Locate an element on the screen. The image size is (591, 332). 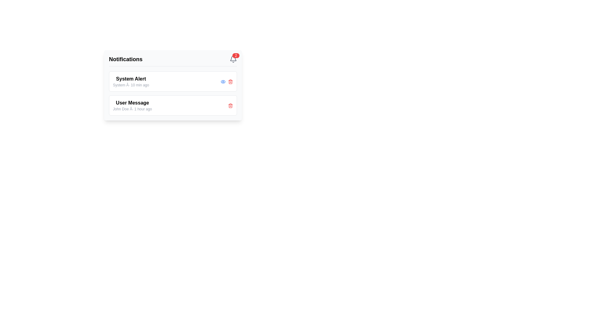
the red trash icon button located in the right section of the 'User Message' card is located at coordinates (230, 105).